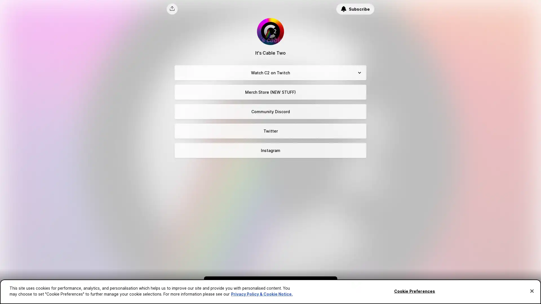 This screenshot has height=304, width=541. Describe the element at coordinates (15, 296) in the screenshot. I see `Cookie Preferences` at that location.